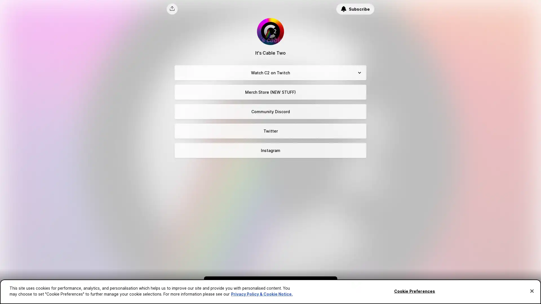 This screenshot has height=304, width=541. Describe the element at coordinates (15, 296) in the screenshot. I see `Cookie Preferences` at that location.